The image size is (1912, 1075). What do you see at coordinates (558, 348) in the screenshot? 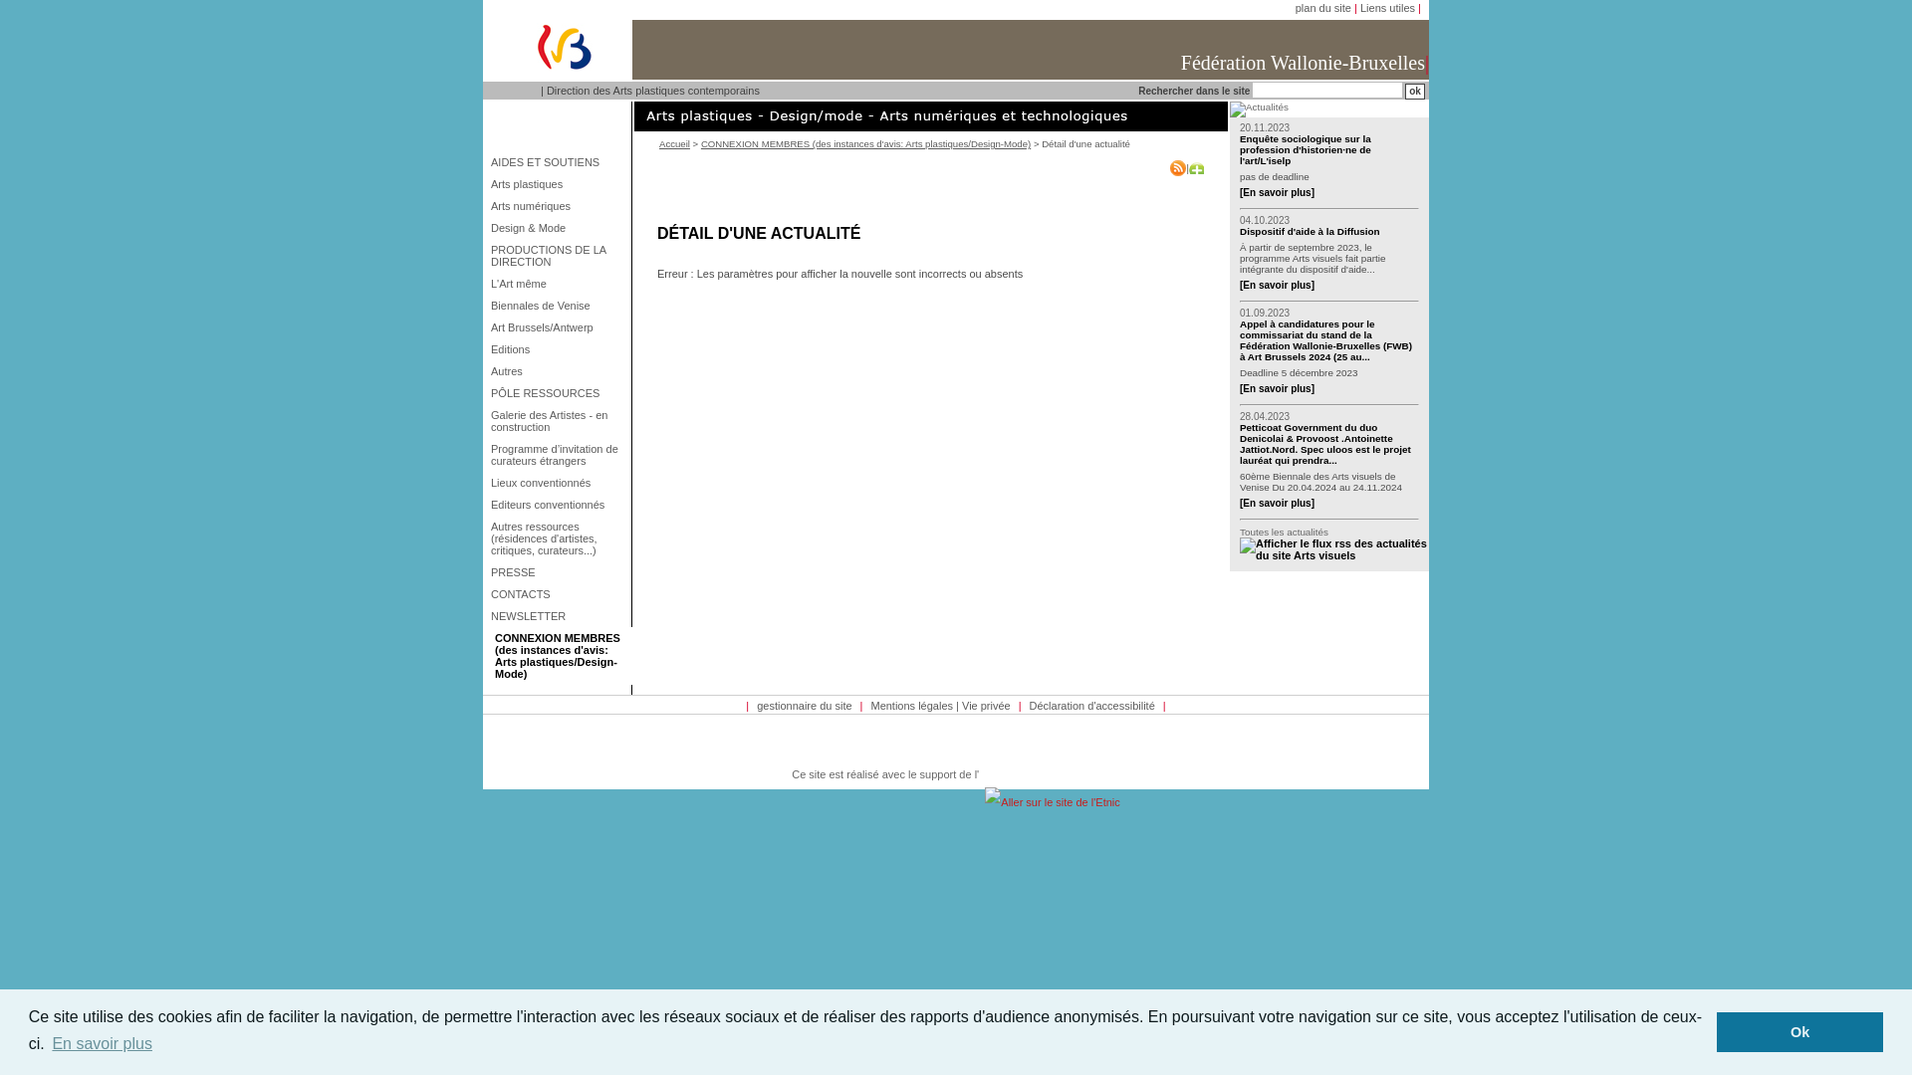
I see `'Editions'` at bounding box center [558, 348].